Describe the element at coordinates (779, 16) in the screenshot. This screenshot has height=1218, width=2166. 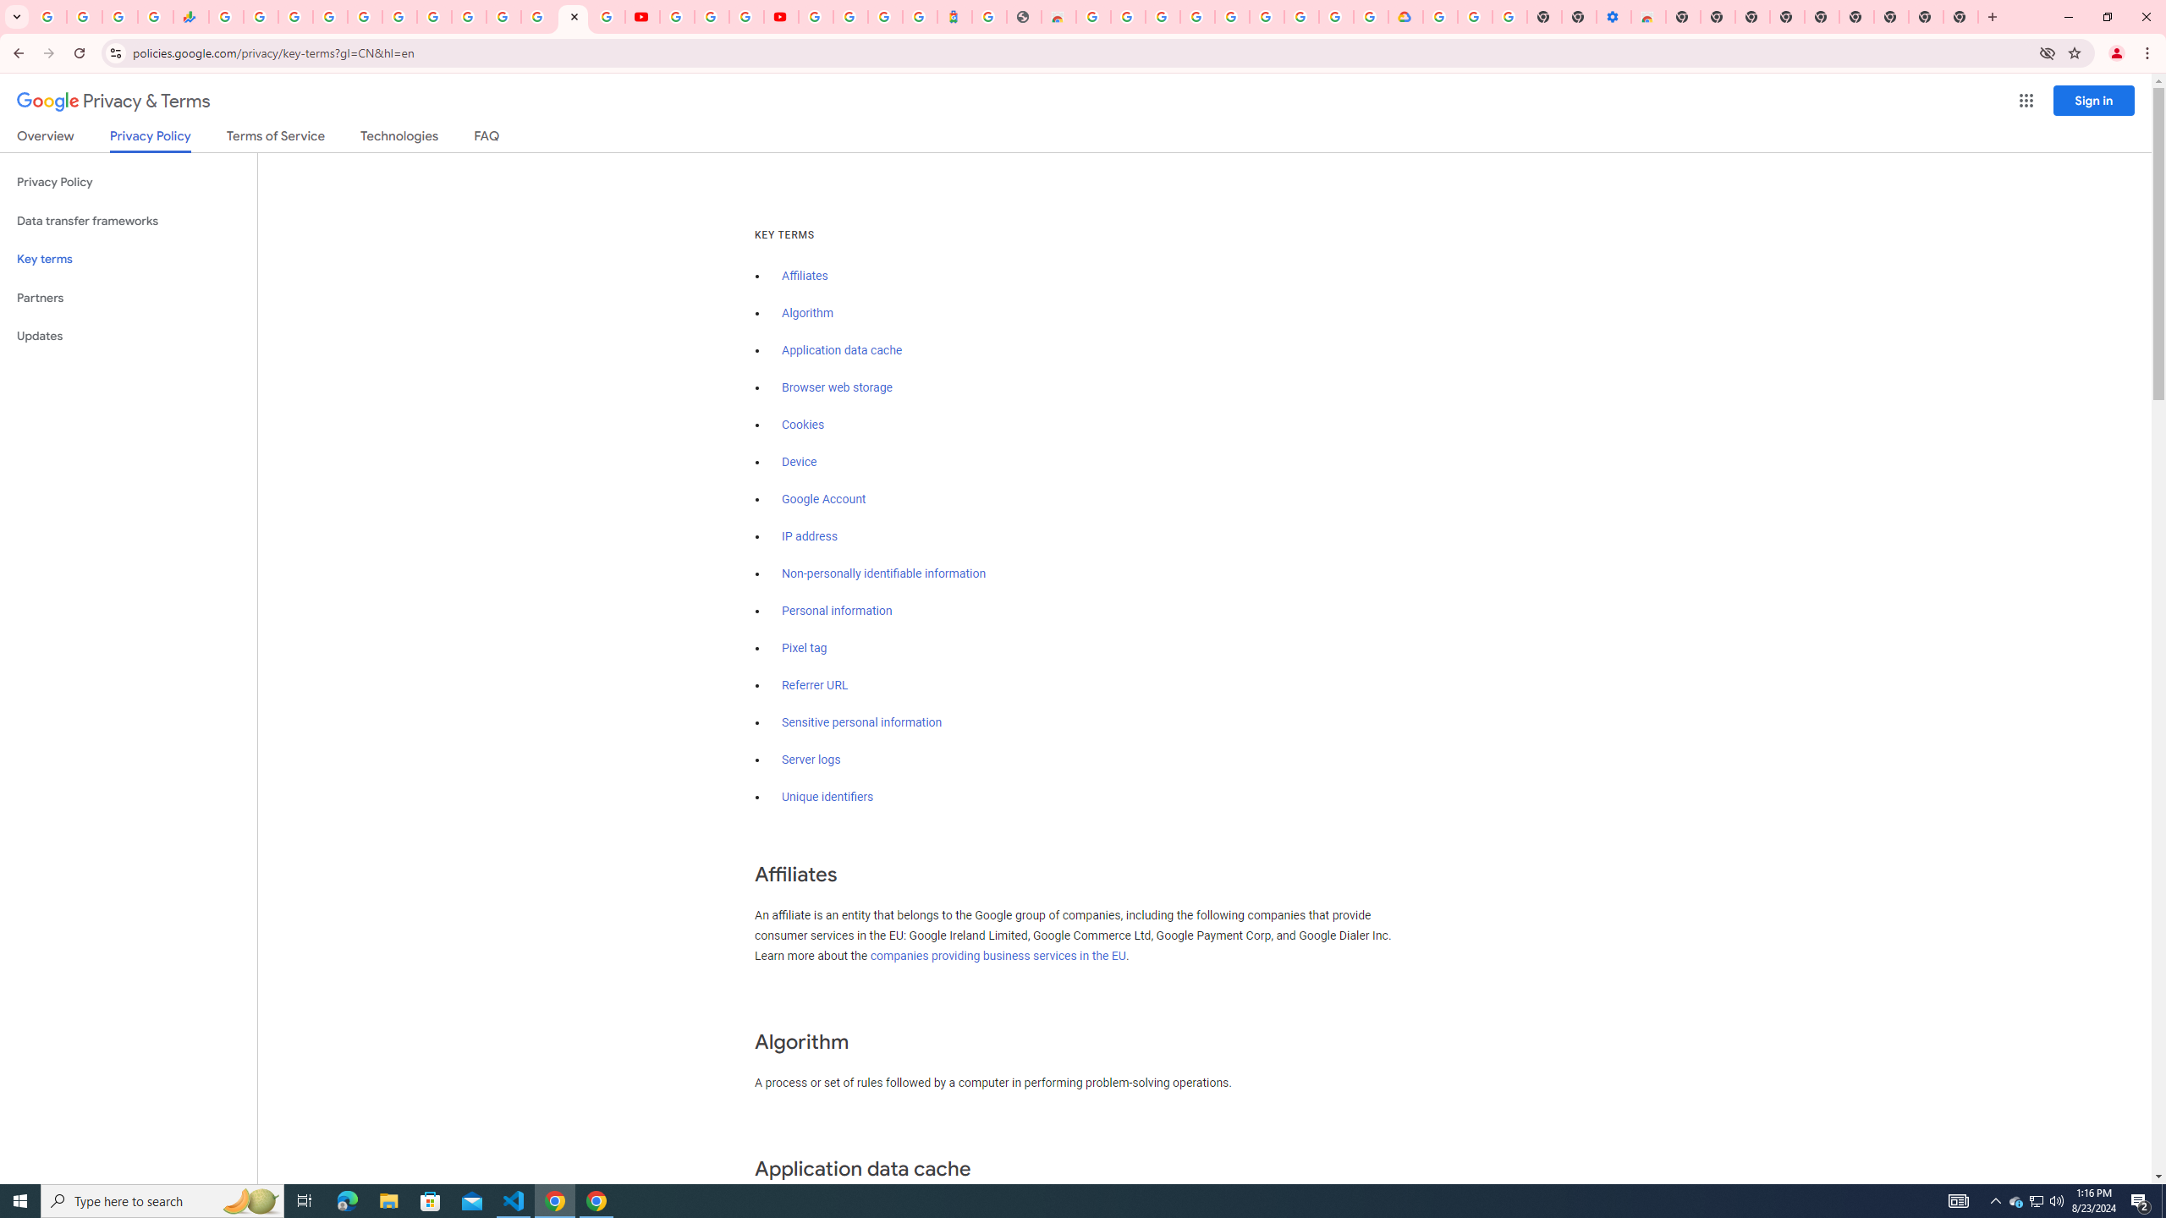
I see `'Content Creator Programs & Opportunities - YouTube Creators'` at that location.